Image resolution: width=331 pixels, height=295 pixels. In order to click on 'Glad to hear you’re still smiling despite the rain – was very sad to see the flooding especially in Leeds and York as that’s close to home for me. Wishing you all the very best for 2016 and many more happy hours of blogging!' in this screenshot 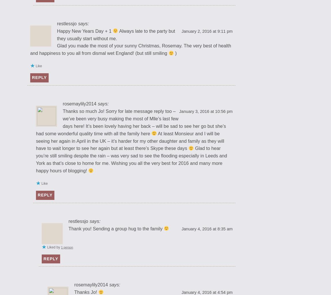, I will do `click(132, 159)`.